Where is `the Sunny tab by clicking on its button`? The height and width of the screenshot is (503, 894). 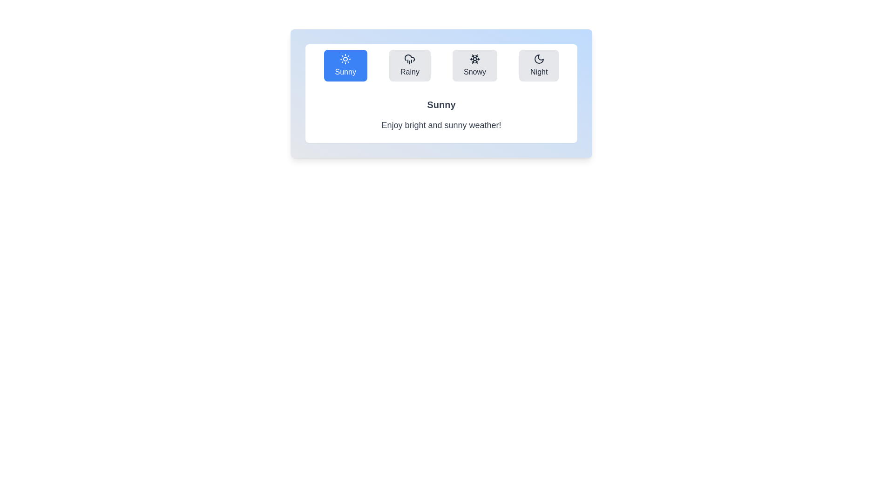 the Sunny tab by clicking on its button is located at coordinates (345, 65).